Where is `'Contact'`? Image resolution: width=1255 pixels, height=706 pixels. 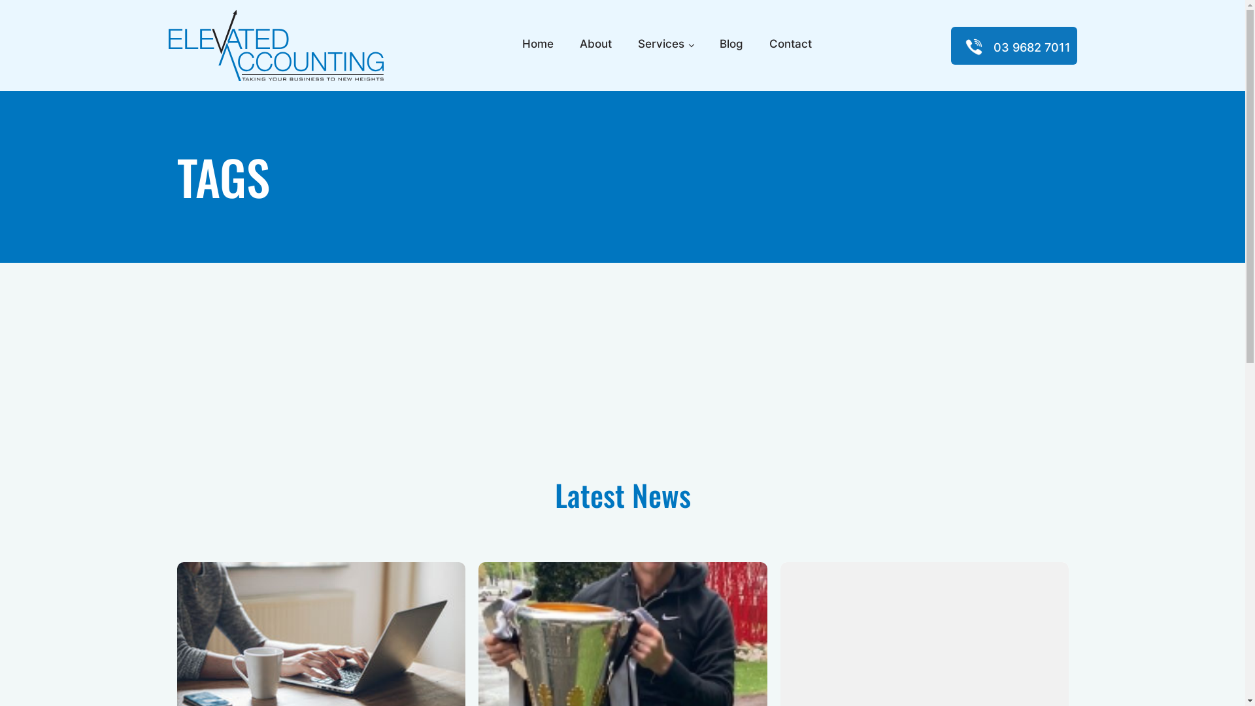
'Contact' is located at coordinates (790, 44).